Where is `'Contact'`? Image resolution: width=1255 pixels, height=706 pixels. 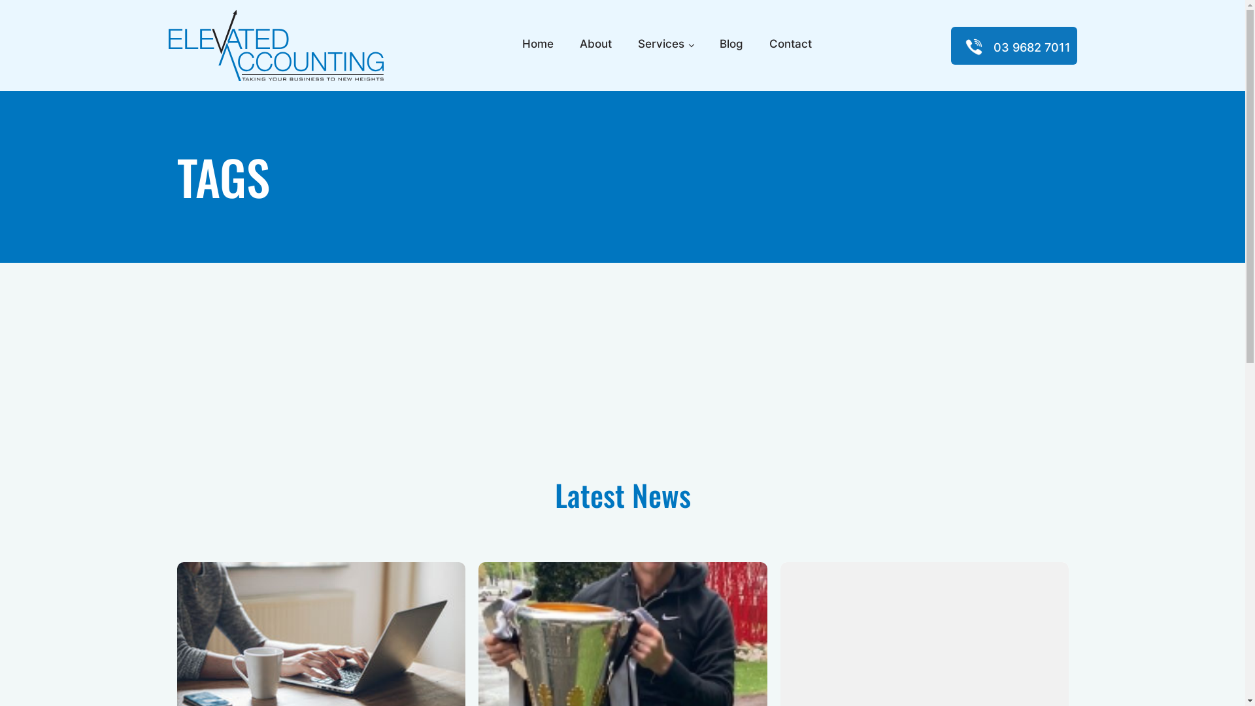
'Contact' is located at coordinates (790, 44).